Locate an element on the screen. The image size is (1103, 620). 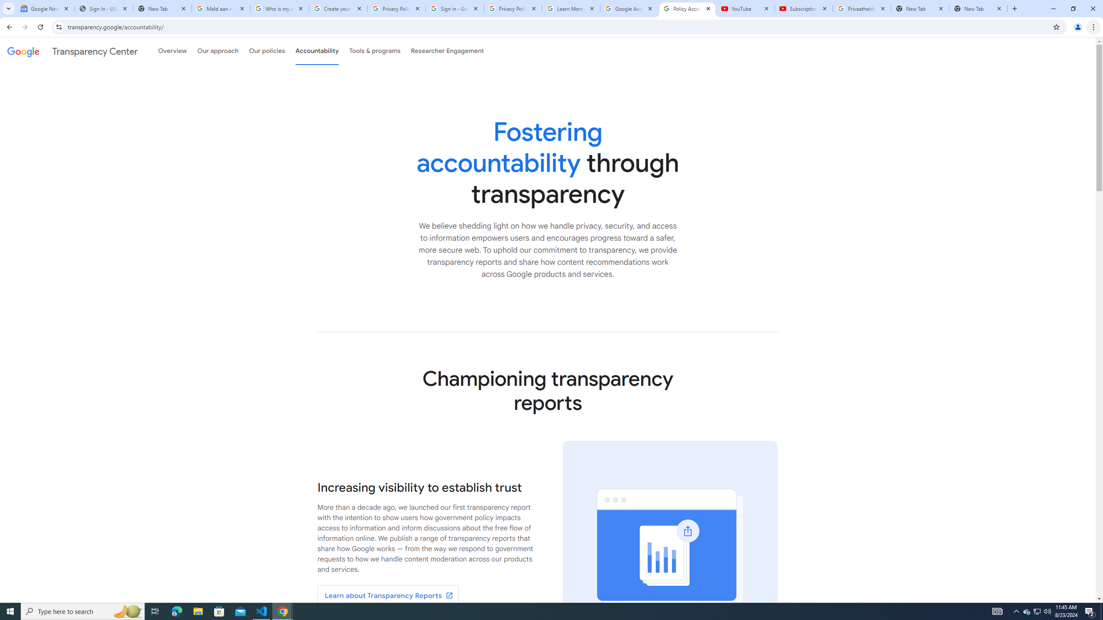
'Who is my administrator? - Google Account Help' is located at coordinates (279, 8).